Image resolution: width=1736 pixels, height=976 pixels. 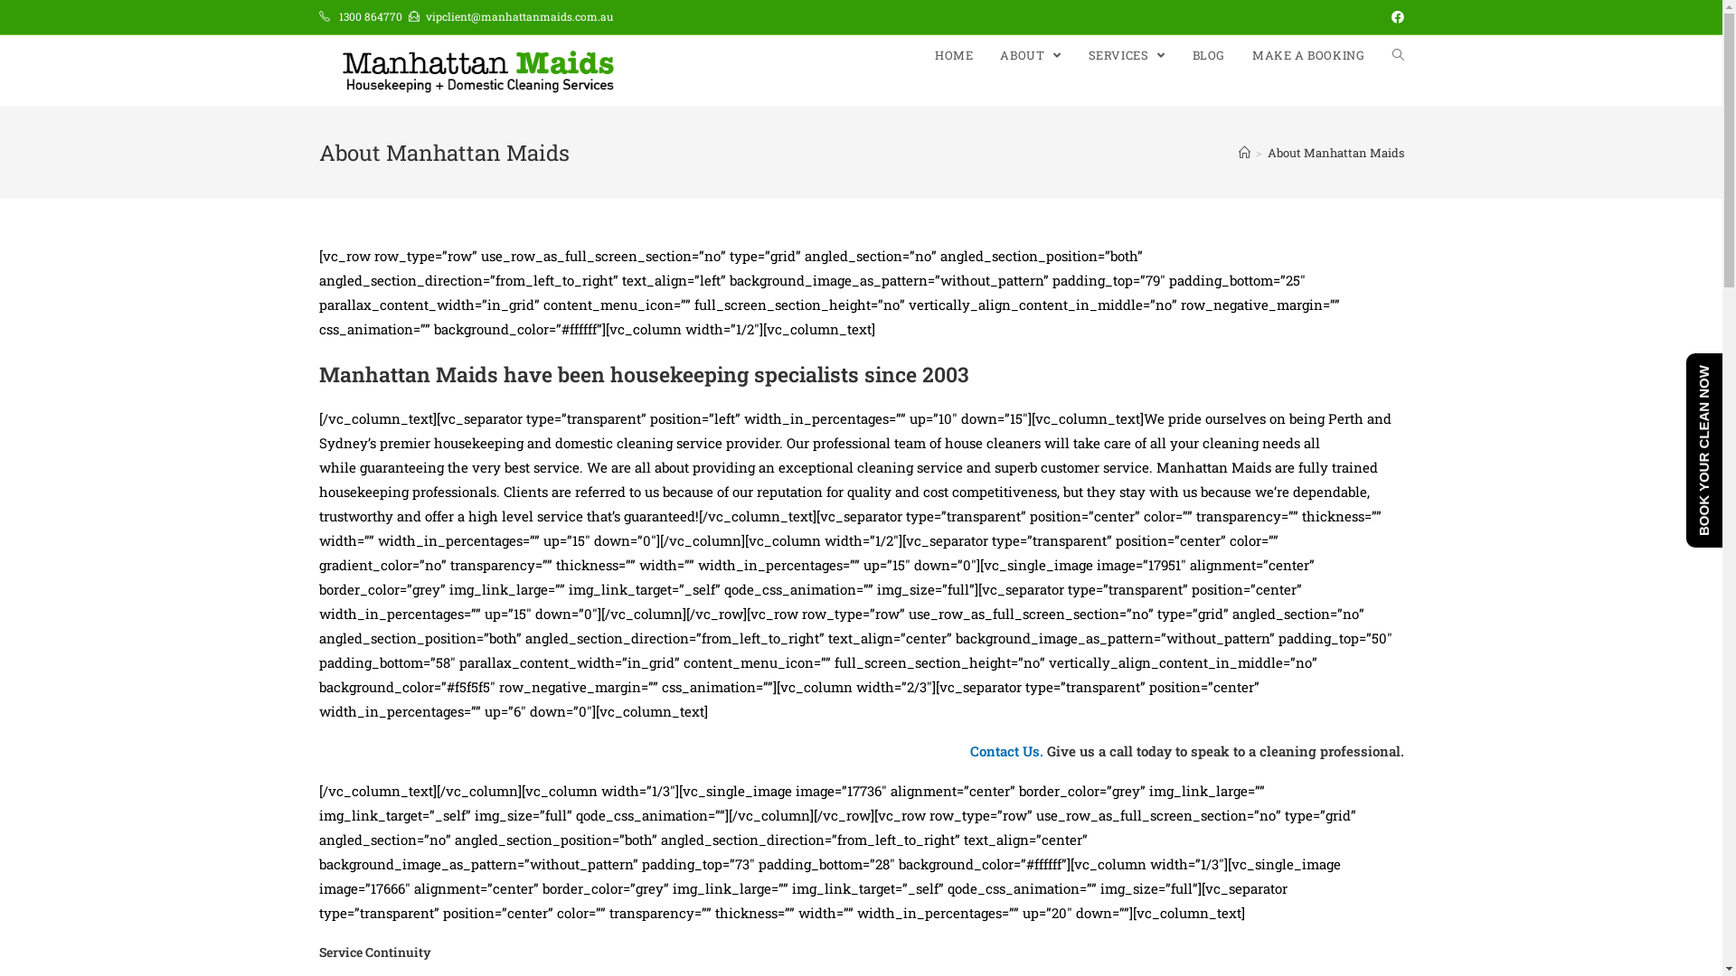 What do you see at coordinates (1335, 152) in the screenshot?
I see `'About Manhattan Maids'` at bounding box center [1335, 152].